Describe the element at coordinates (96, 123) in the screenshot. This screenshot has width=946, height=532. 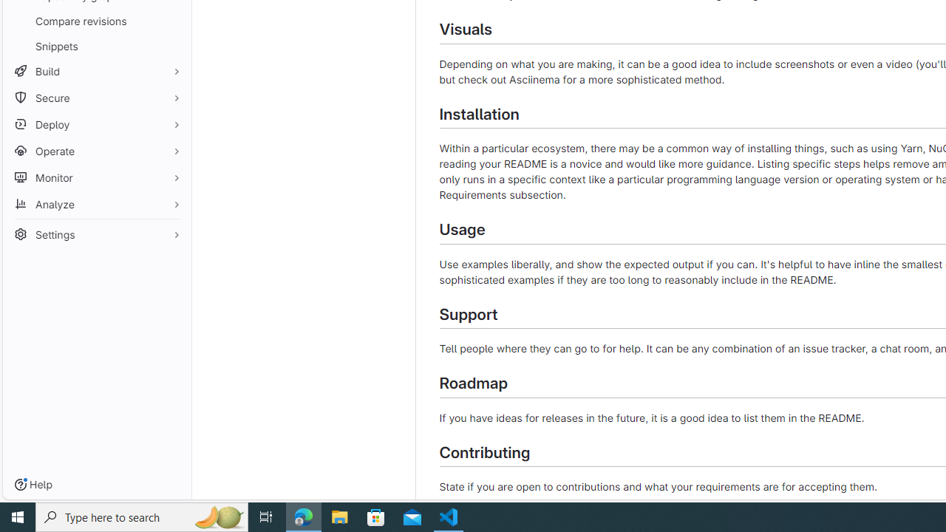
I see `'Deploy'` at that location.